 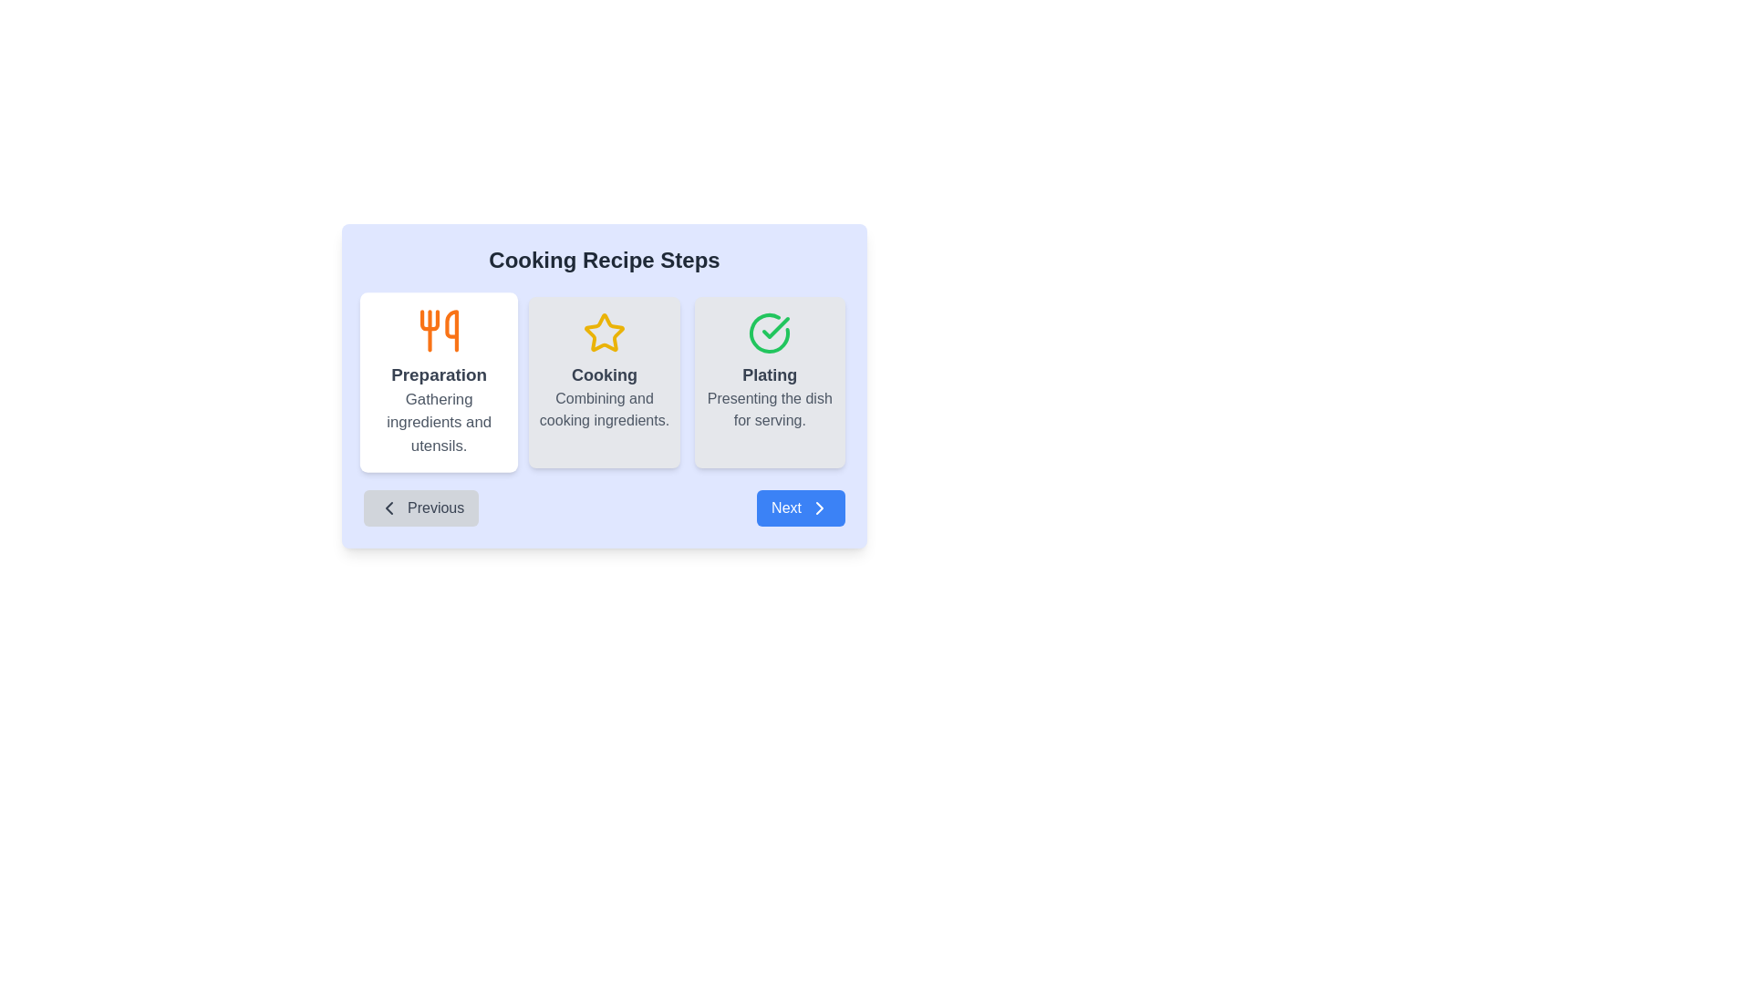 What do you see at coordinates (439, 331) in the screenshot?
I see `the 'Preparation' step icon in the 'Cooking Recipe Steps' section, which is located in the leftmost card above the 'Preparation' text` at bounding box center [439, 331].